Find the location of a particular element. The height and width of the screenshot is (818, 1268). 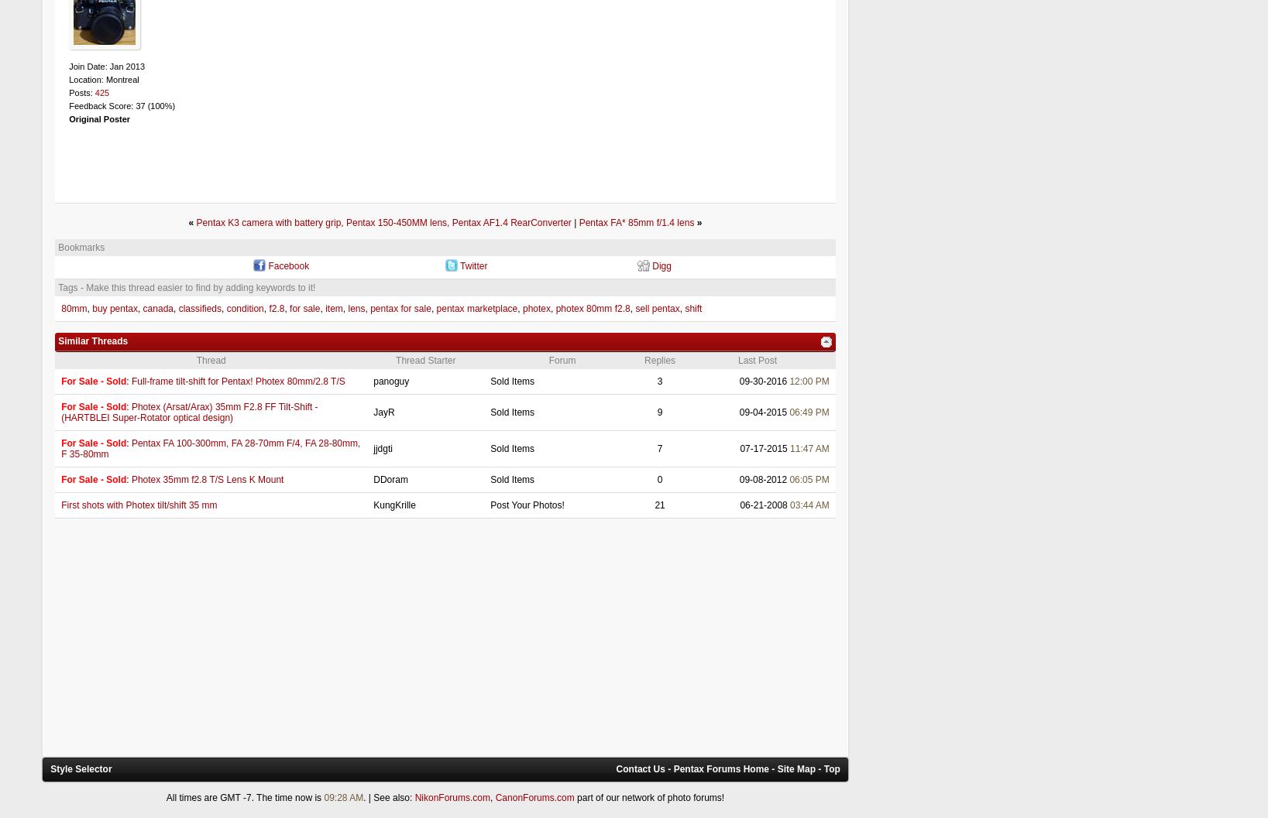

'11:47 AM' is located at coordinates (789, 447).